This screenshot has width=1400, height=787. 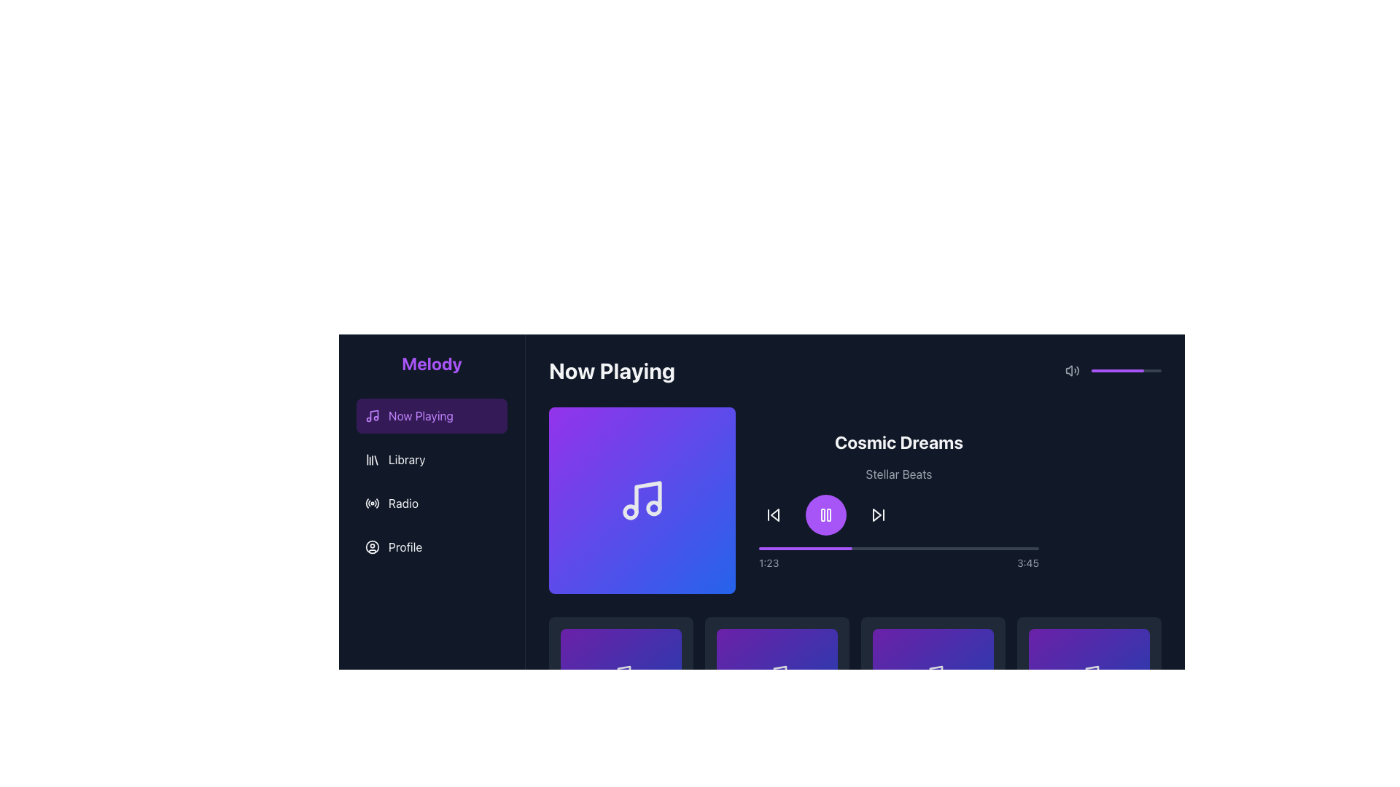 What do you see at coordinates (372, 460) in the screenshot?
I see `the 'Library' icon located in the left vertical navigation menu, which is the leftmost component in the menu between 'Now Playing' and 'Radio'` at bounding box center [372, 460].